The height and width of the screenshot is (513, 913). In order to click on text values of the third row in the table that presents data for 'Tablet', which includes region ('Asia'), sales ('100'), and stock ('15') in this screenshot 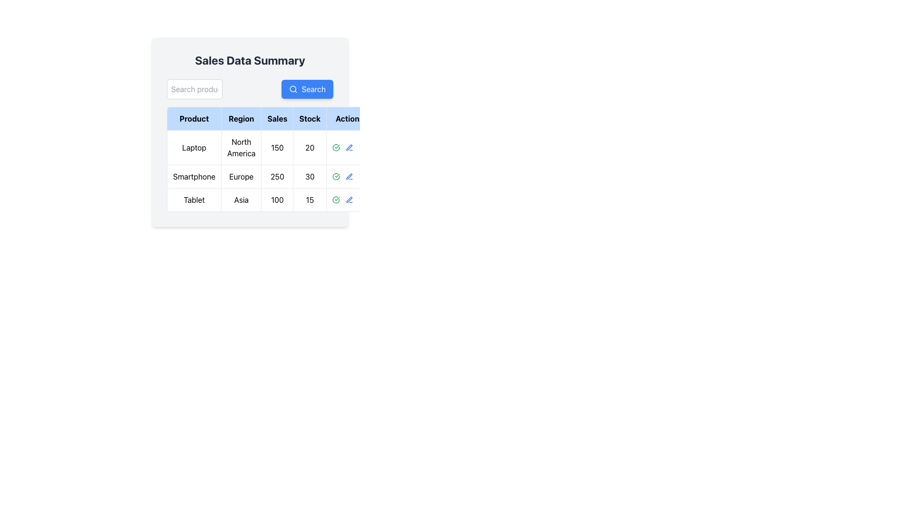, I will do `click(269, 199)`.